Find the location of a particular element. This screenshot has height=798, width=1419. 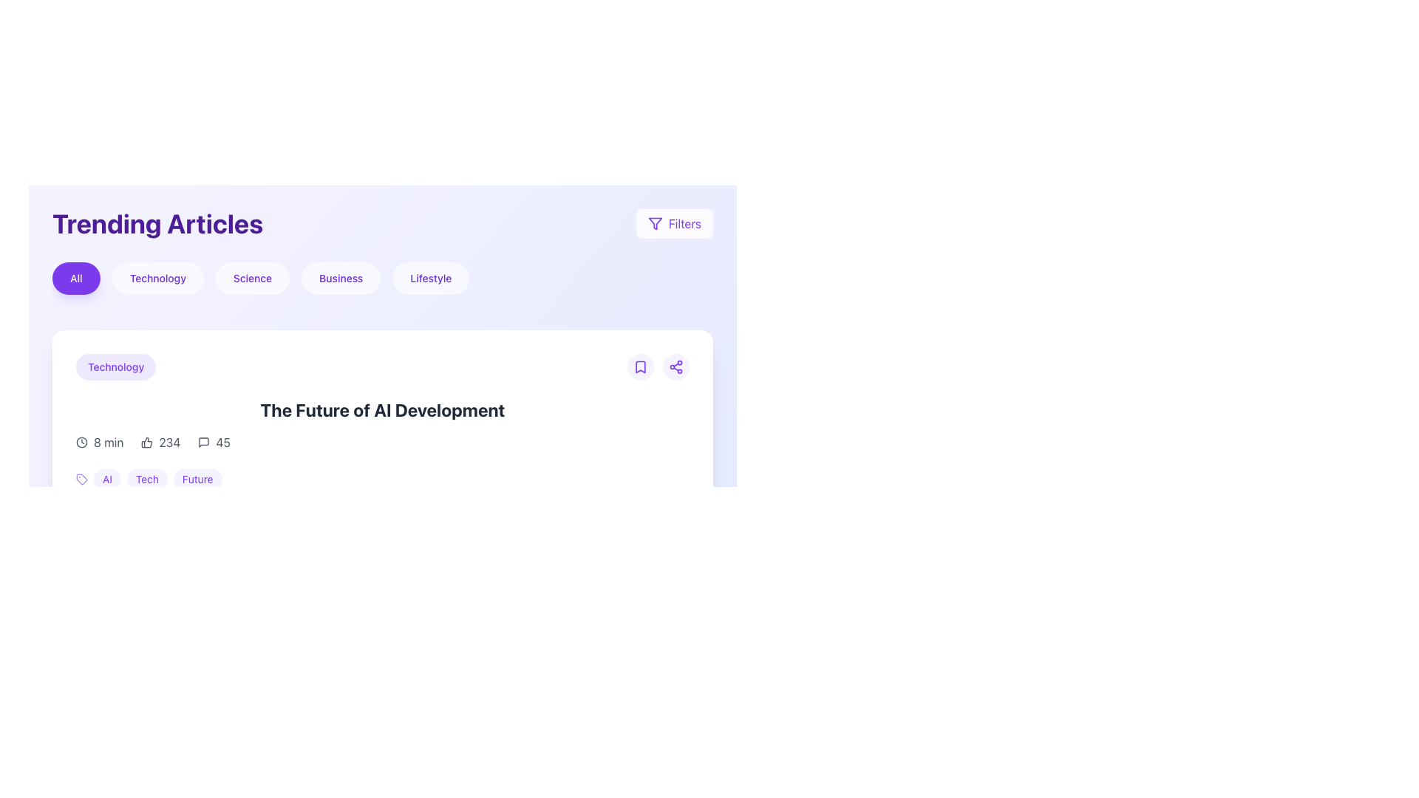

the rounded button-like element with a violet background and bold text that says 'Technology' to filter or select is located at coordinates (115, 366).